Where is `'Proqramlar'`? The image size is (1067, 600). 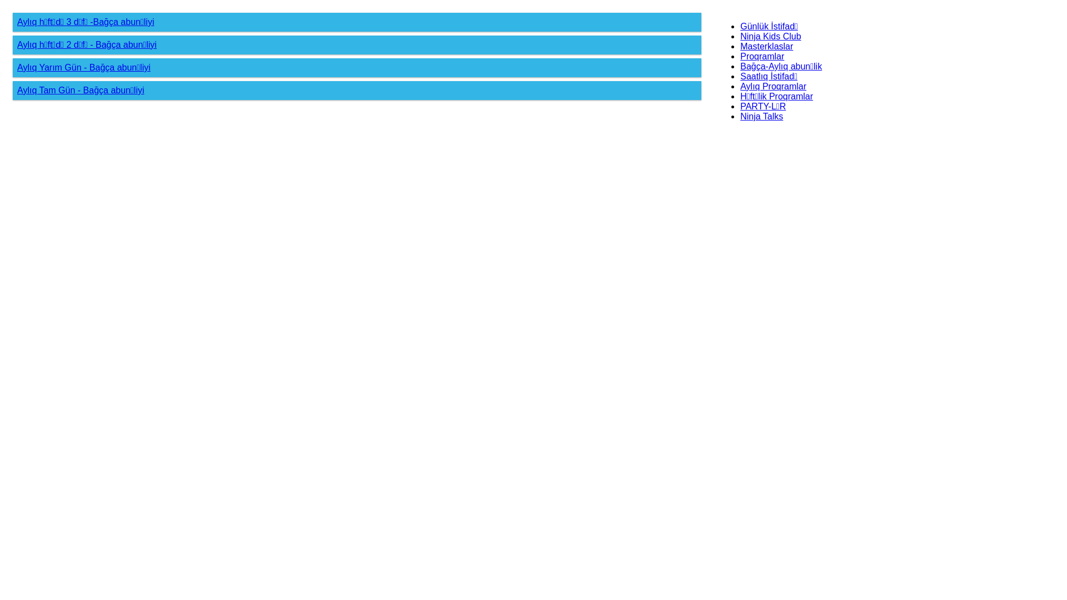 'Proqramlar' is located at coordinates (761, 56).